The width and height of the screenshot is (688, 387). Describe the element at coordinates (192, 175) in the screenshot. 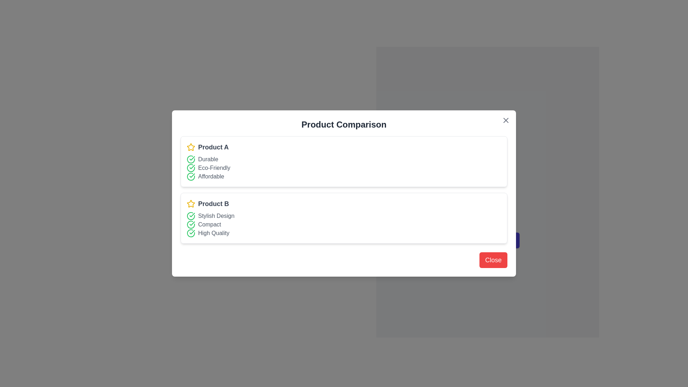

I see `the visual indicator icon for the 'Durable' feature in the product comparison list for 'Product A', which signifies a successful fulfillment or positive status` at that location.